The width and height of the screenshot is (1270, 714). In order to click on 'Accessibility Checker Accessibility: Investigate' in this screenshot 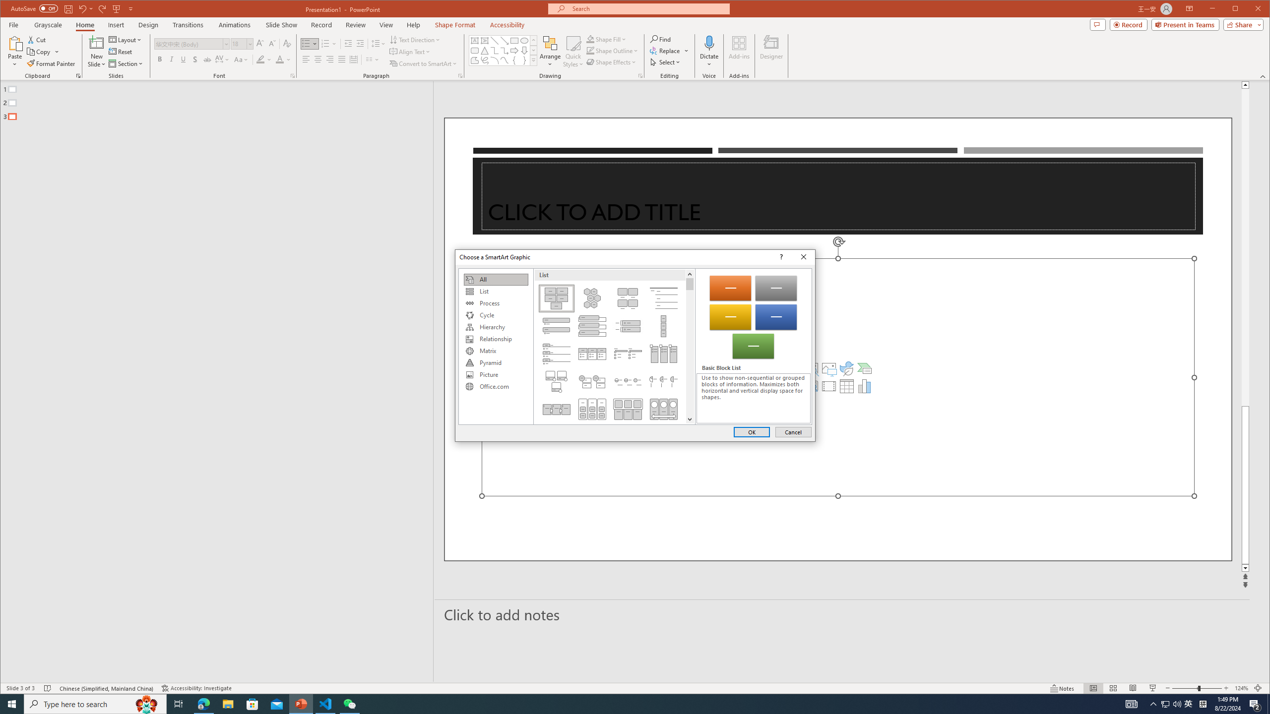, I will do `click(196, 688)`.